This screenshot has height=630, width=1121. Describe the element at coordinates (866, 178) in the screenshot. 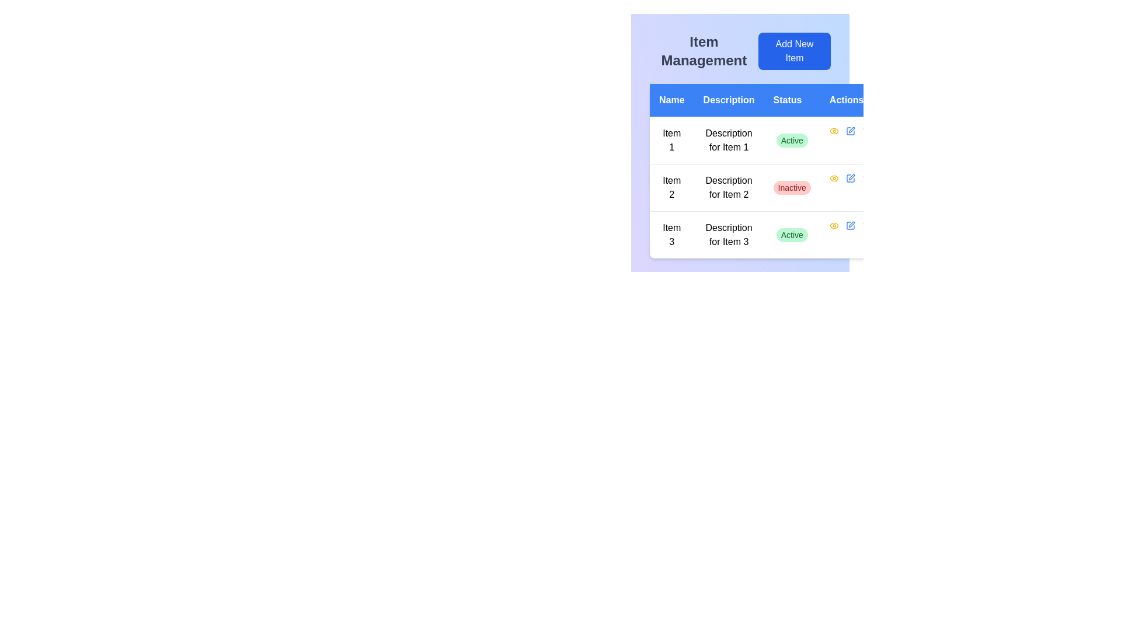

I see `the delete button located in the 'Actions' column of the second row of the table` at that location.